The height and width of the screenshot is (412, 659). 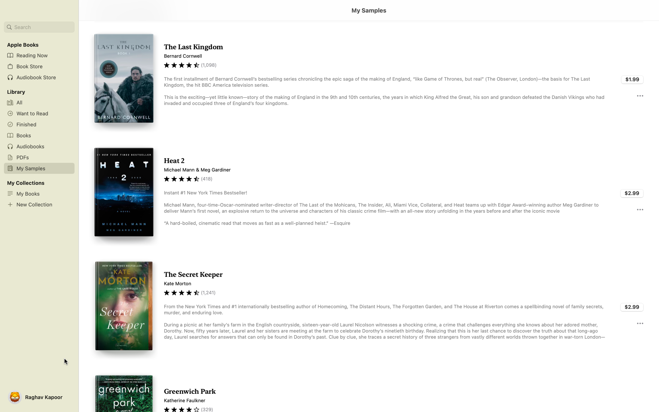 I want to click on Scroll downwards to reach the "Greenwich Park" book on the screen, so click(x=1239249, y=454436).